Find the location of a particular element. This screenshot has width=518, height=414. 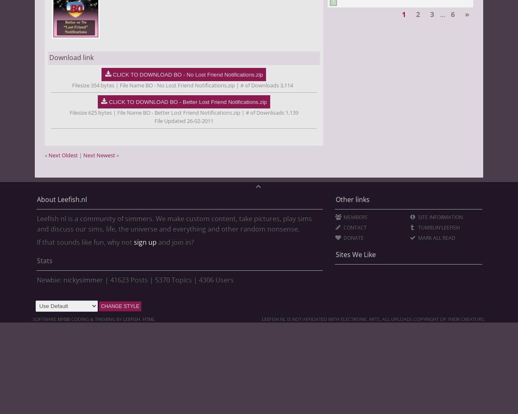

'About Leefish.nl' is located at coordinates (36, 199).